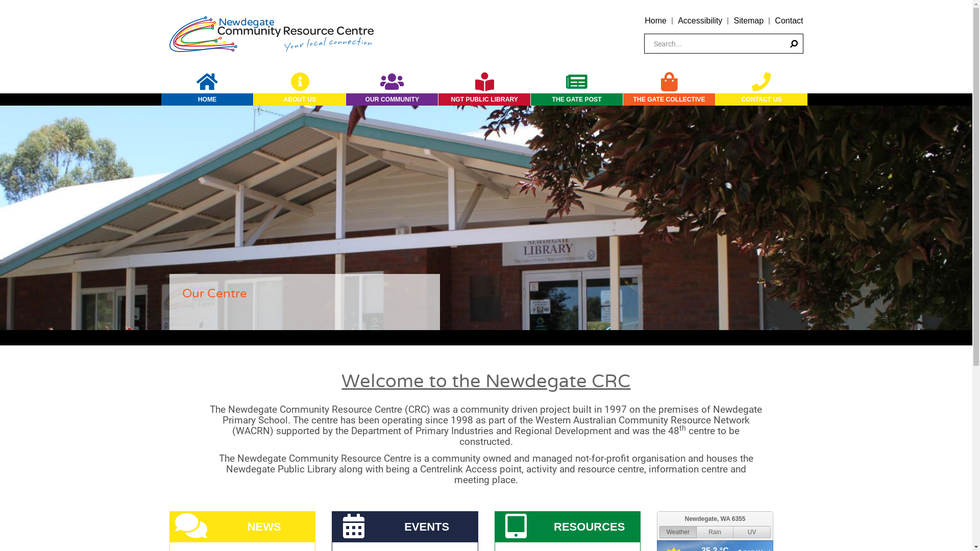 This screenshot has height=551, width=980. Describe the element at coordinates (699, 20) in the screenshot. I see `'Accessibility'` at that location.